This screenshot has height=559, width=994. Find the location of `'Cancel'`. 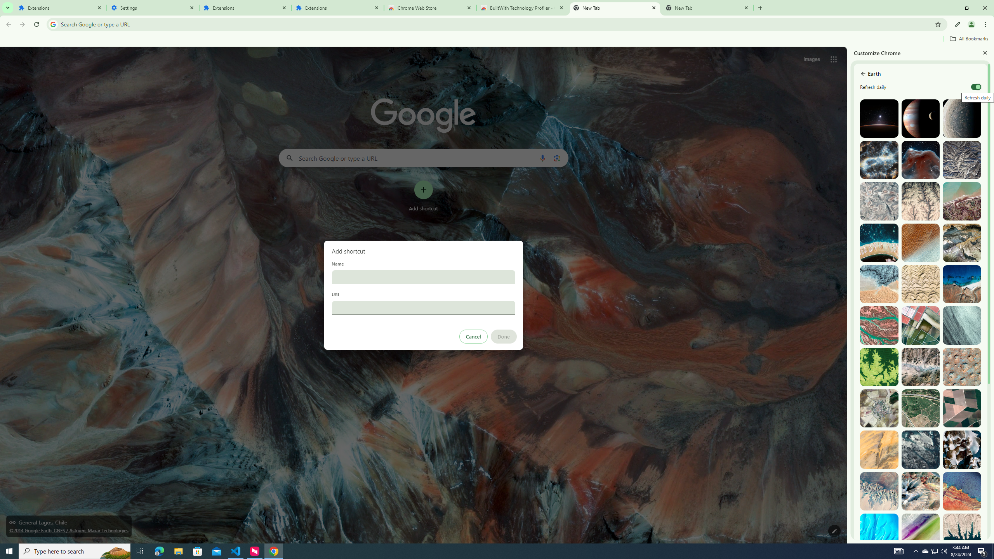

'Cancel' is located at coordinates (473, 336).